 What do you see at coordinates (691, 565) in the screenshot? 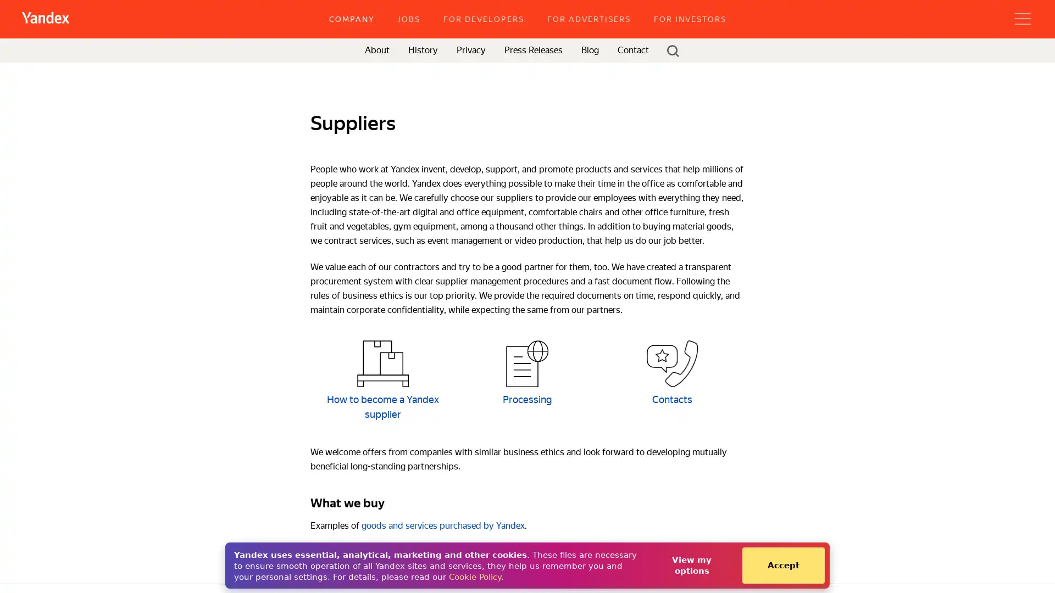
I see `View my options` at bounding box center [691, 565].